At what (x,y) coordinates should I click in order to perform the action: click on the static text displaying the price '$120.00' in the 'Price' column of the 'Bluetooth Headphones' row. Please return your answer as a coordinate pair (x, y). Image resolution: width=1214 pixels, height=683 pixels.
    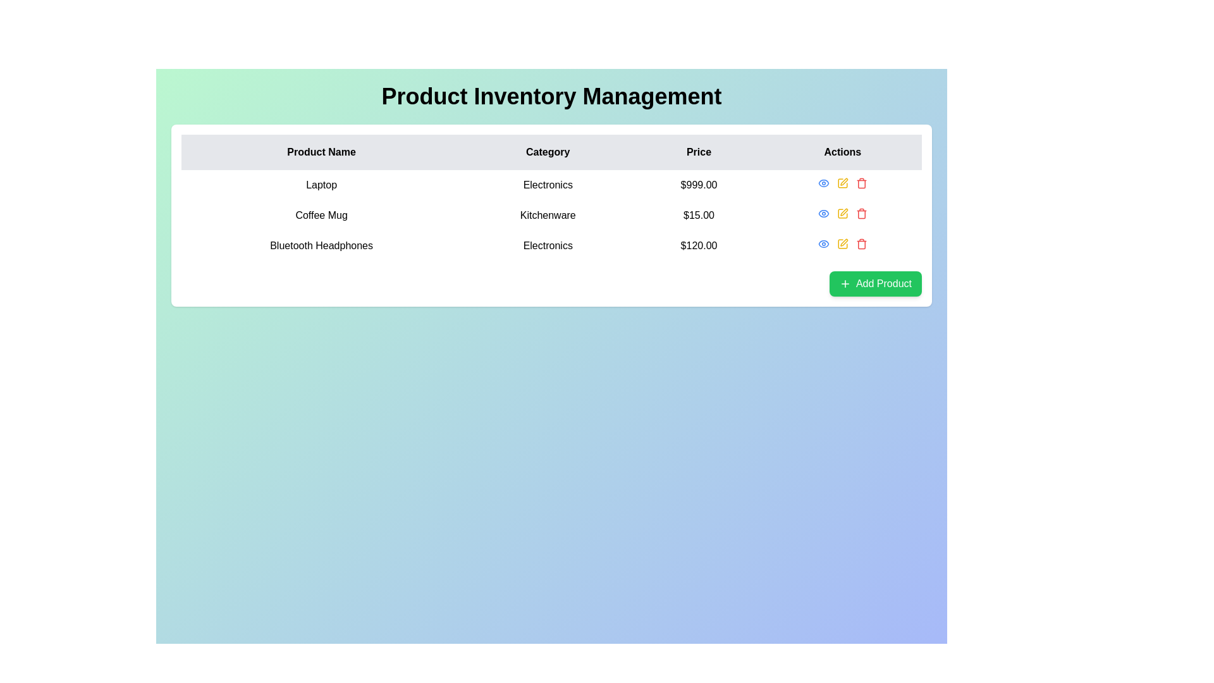
    Looking at the image, I should click on (698, 246).